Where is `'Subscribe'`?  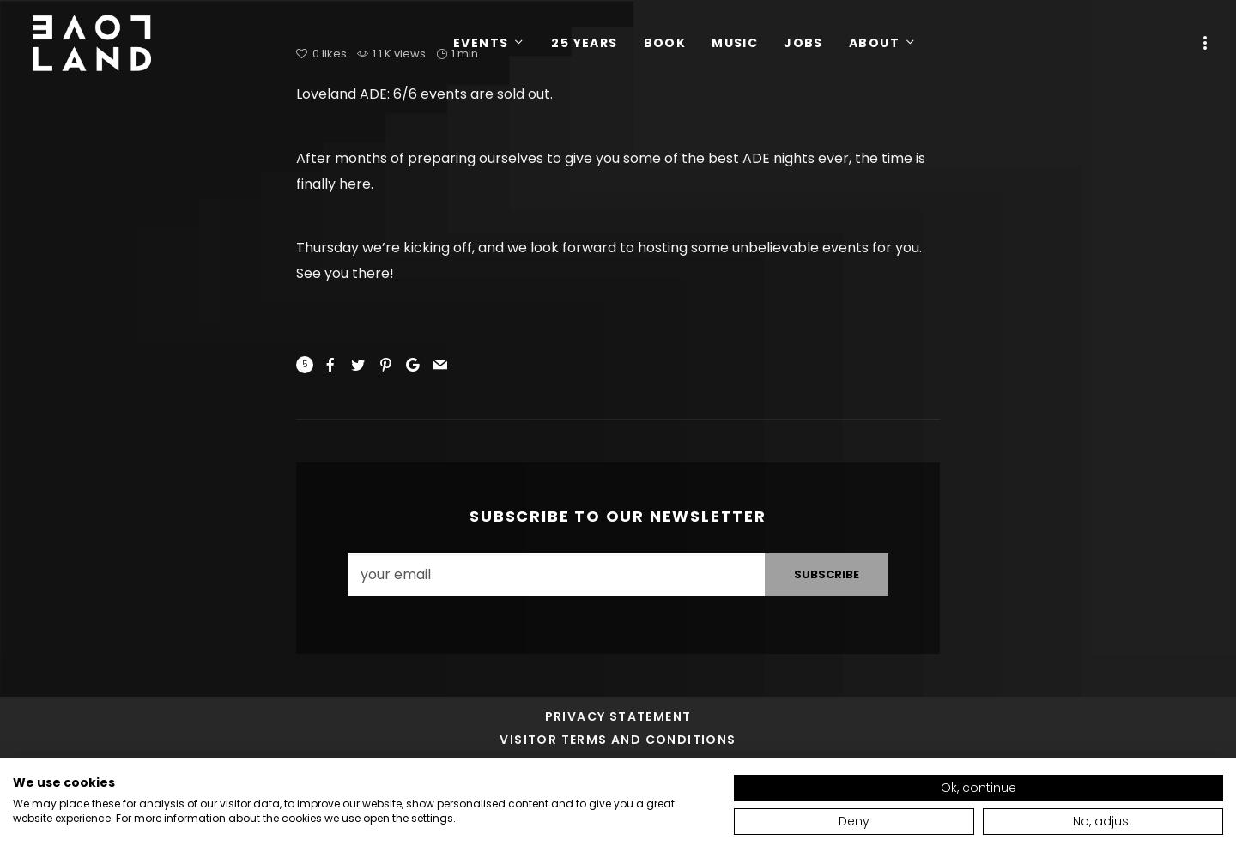 'Subscribe' is located at coordinates (794, 574).